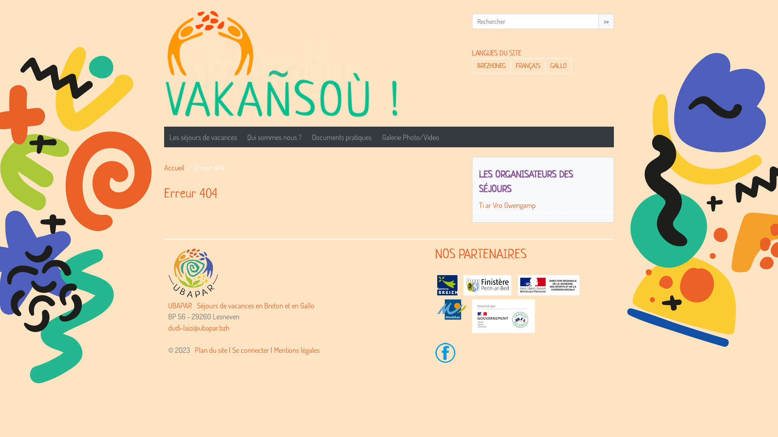  I want to click on 'Accueil', so click(163, 167).